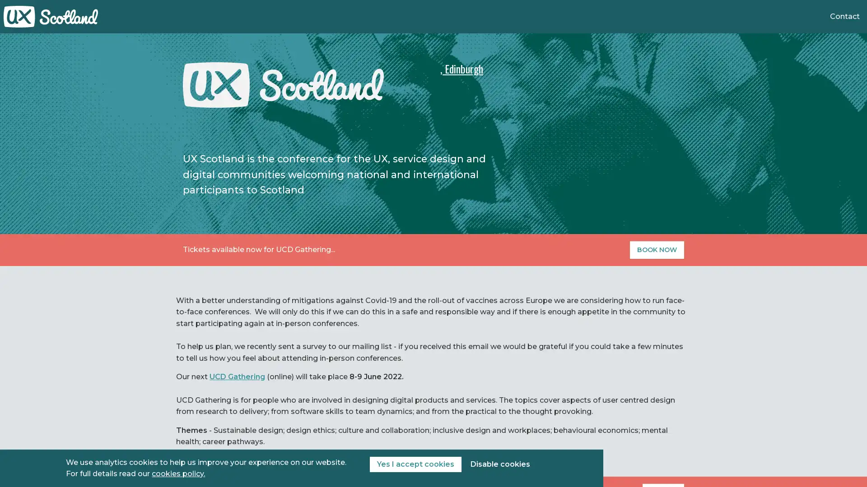 The image size is (867, 487). What do you see at coordinates (415, 464) in the screenshot?
I see `Yes I accept cookies` at bounding box center [415, 464].